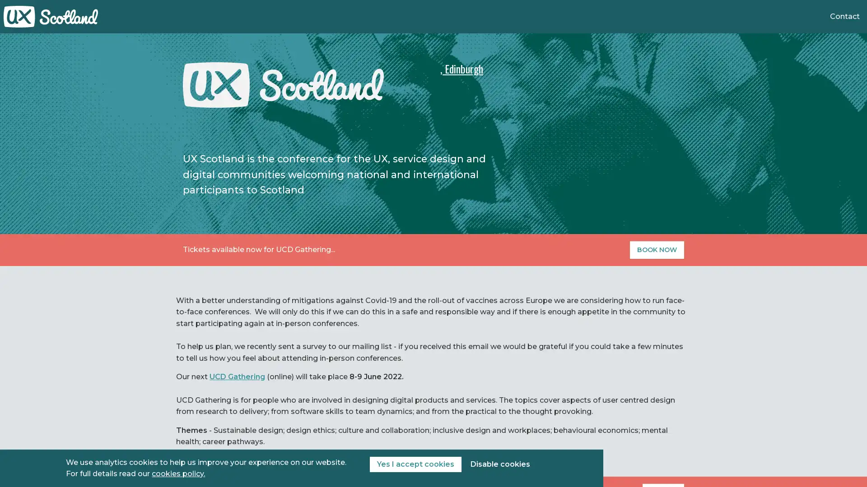 The image size is (867, 487). What do you see at coordinates (415, 464) in the screenshot?
I see `Yes I accept cookies` at bounding box center [415, 464].